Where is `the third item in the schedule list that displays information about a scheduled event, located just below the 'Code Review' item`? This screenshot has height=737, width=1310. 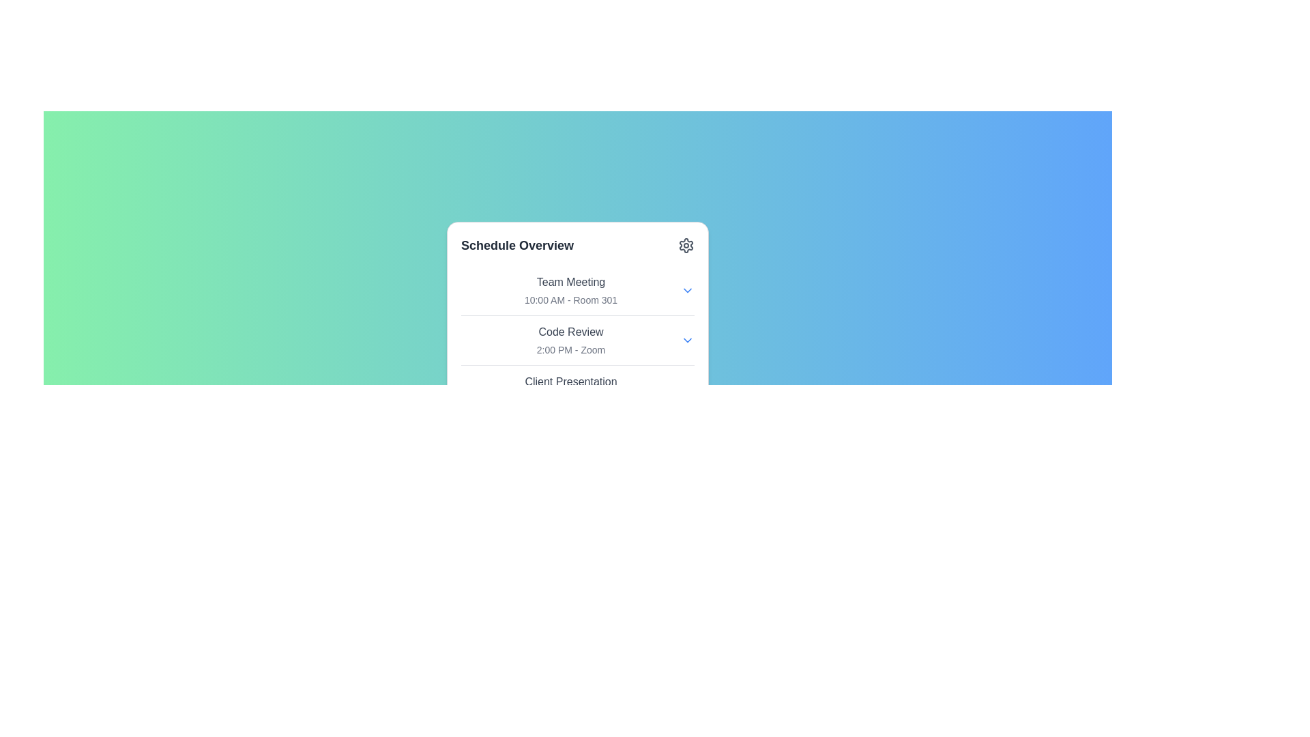
the third item in the schedule list that displays information about a scheduled event, located just below the 'Code Review' item is located at coordinates (570, 390).